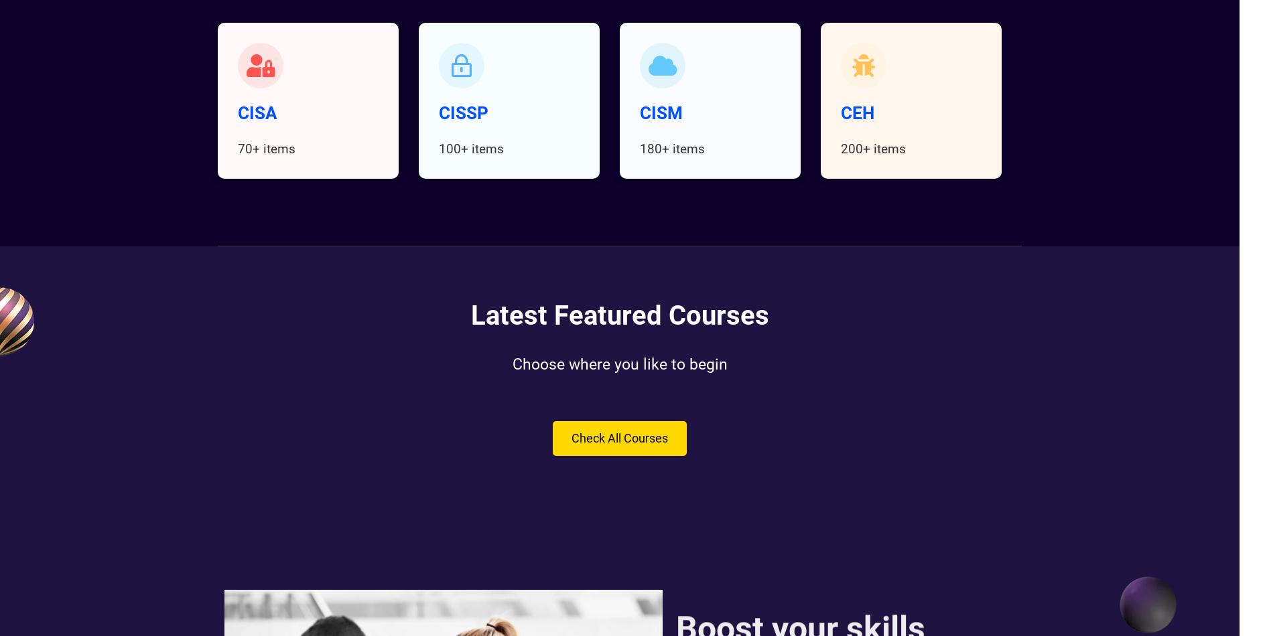  I want to click on 'CISSP', so click(462, 113).